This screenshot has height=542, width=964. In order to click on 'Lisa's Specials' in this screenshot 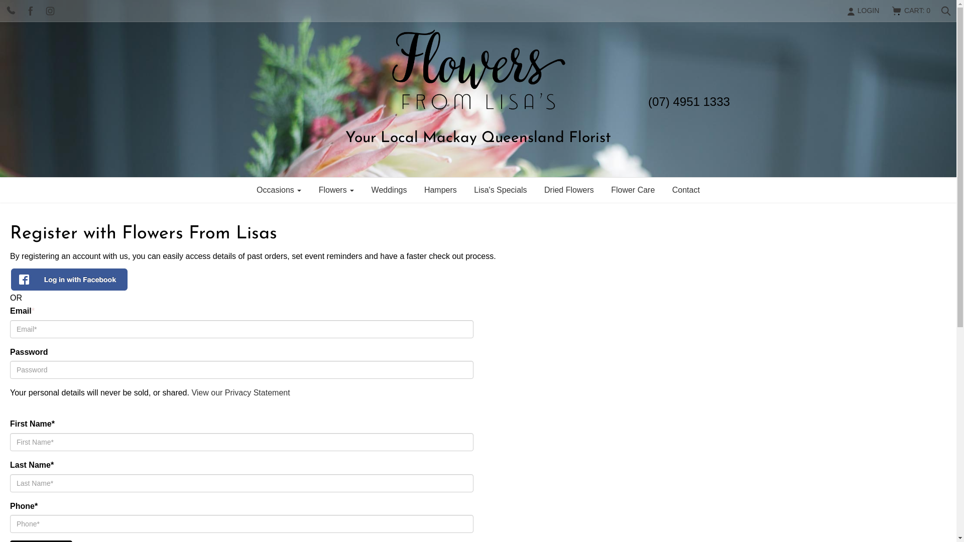, I will do `click(466, 190)`.